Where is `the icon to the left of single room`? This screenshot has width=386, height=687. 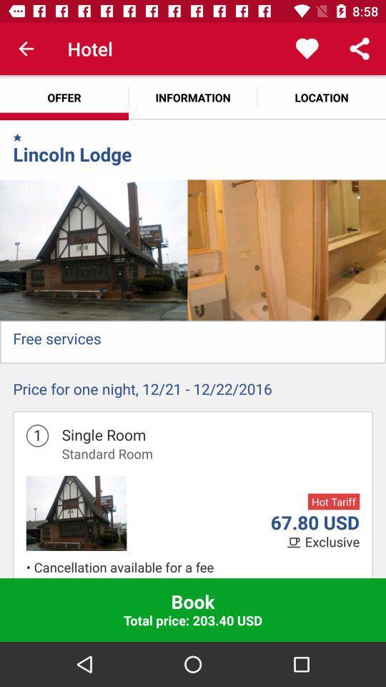
the icon to the left of single room is located at coordinates (37, 435).